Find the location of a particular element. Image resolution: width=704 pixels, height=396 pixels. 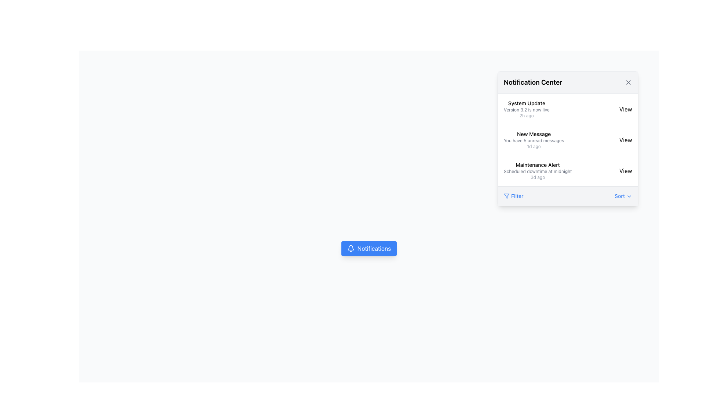

the close button located in the top-right corner of the 'Notification Center' modal to trigger a color change effect is located at coordinates (628, 82).